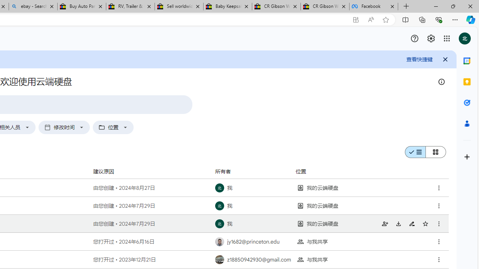 This screenshot has width=479, height=269. I want to click on 'Class:  c-qd a-s-fa-Ha-pa BMAFpd', so click(439, 259).